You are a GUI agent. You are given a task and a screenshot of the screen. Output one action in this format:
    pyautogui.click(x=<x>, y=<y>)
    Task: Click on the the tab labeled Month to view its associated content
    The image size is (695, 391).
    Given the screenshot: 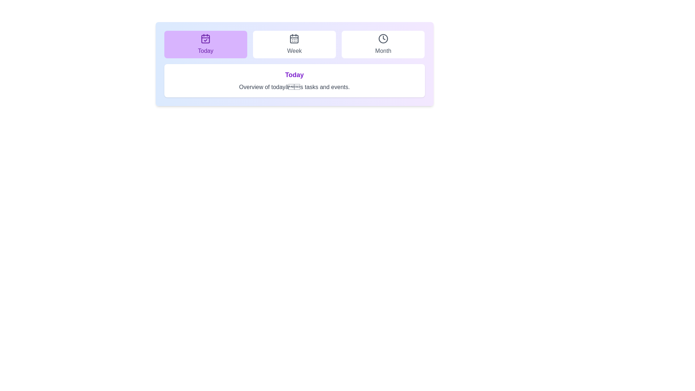 What is the action you would take?
    pyautogui.click(x=383, y=45)
    